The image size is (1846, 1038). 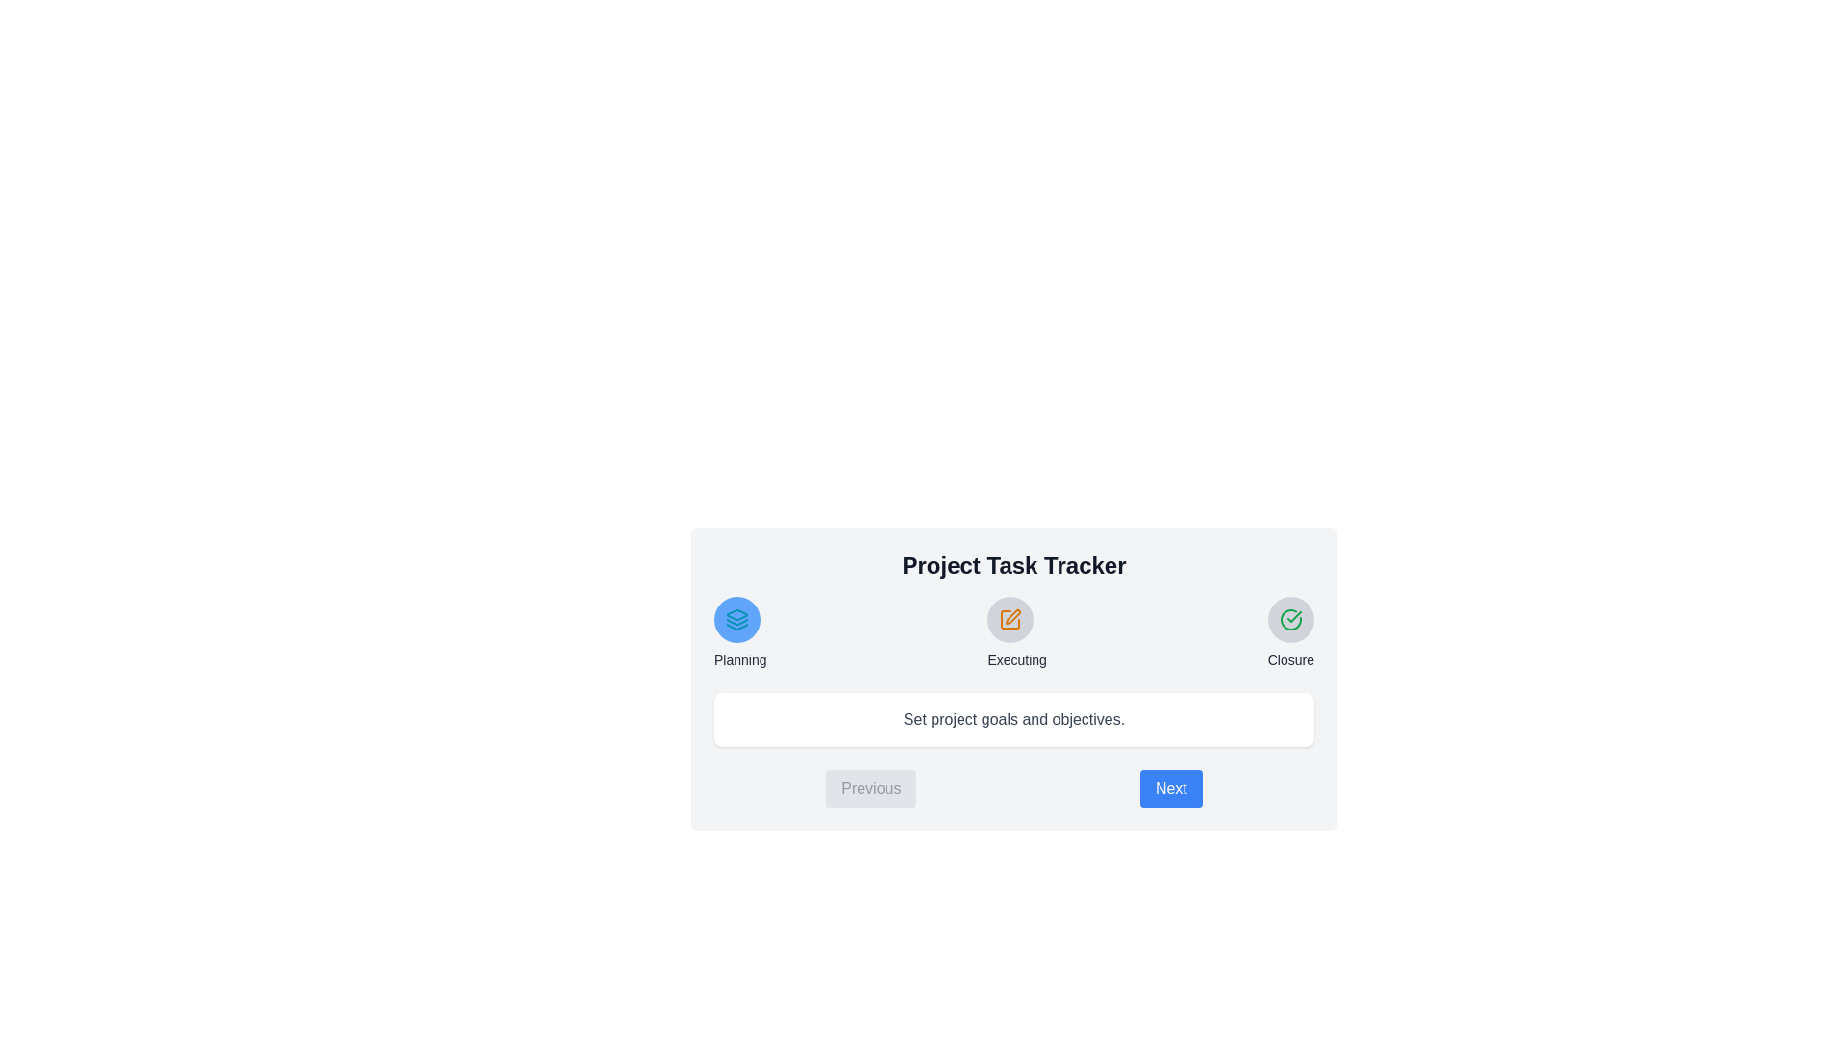 I want to click on the step icon corresponding to Closure to view its details, so click(x=1290, y=619).